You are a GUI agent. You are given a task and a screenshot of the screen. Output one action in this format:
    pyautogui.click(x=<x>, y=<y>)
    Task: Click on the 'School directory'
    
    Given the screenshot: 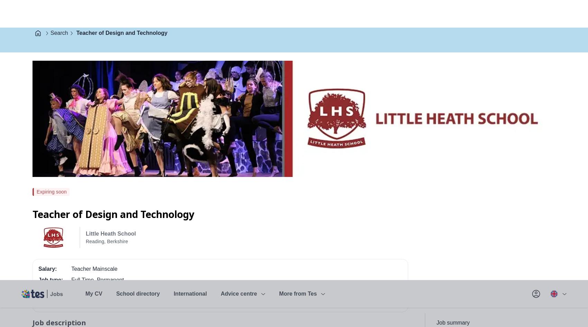 What is the action you would take?
    pyautogui.click(x=116, y=13)
    